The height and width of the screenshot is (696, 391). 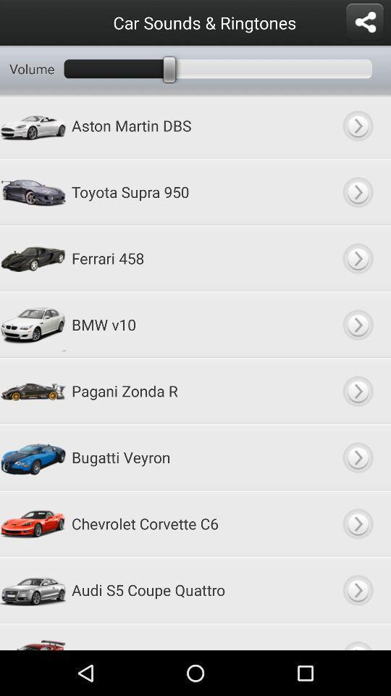 What do you see at coordinates (357, 390) in the screenshot?
I see `the car sounds` at bounding box center [357, 390].